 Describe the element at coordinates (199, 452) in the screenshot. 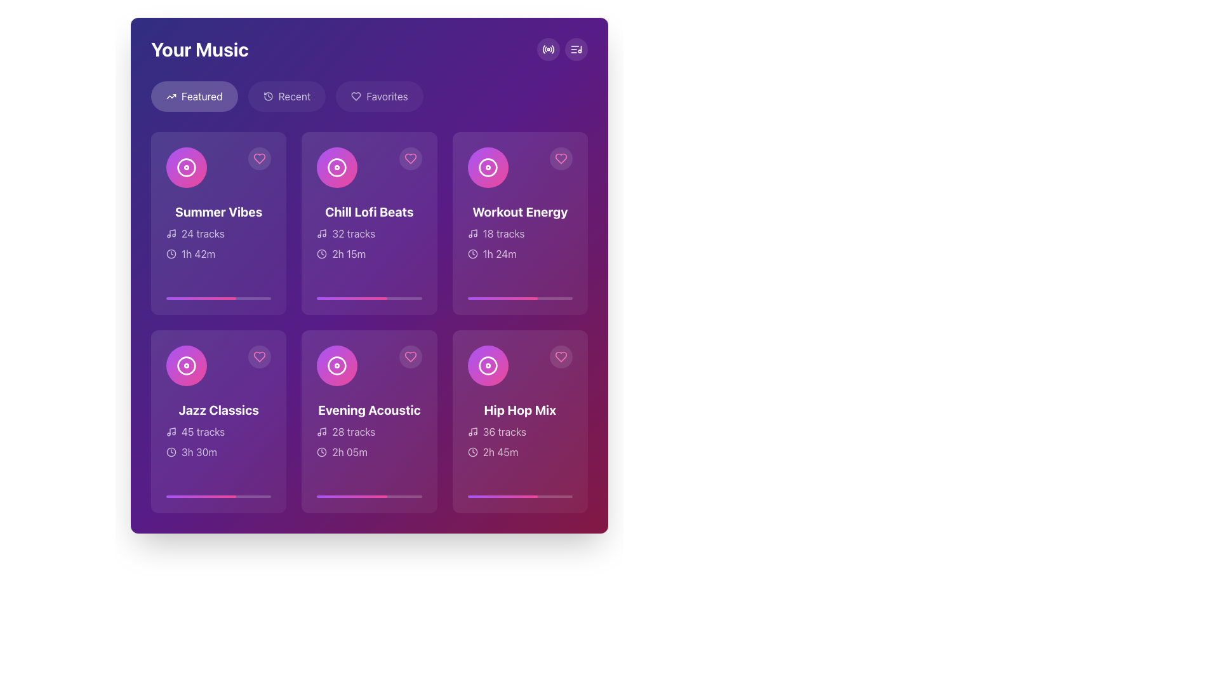

I see `the Text Label displaying the duration of the playlist or album in the 'Jazz Classics' card, located below the track count and near a clock icon` at that location.